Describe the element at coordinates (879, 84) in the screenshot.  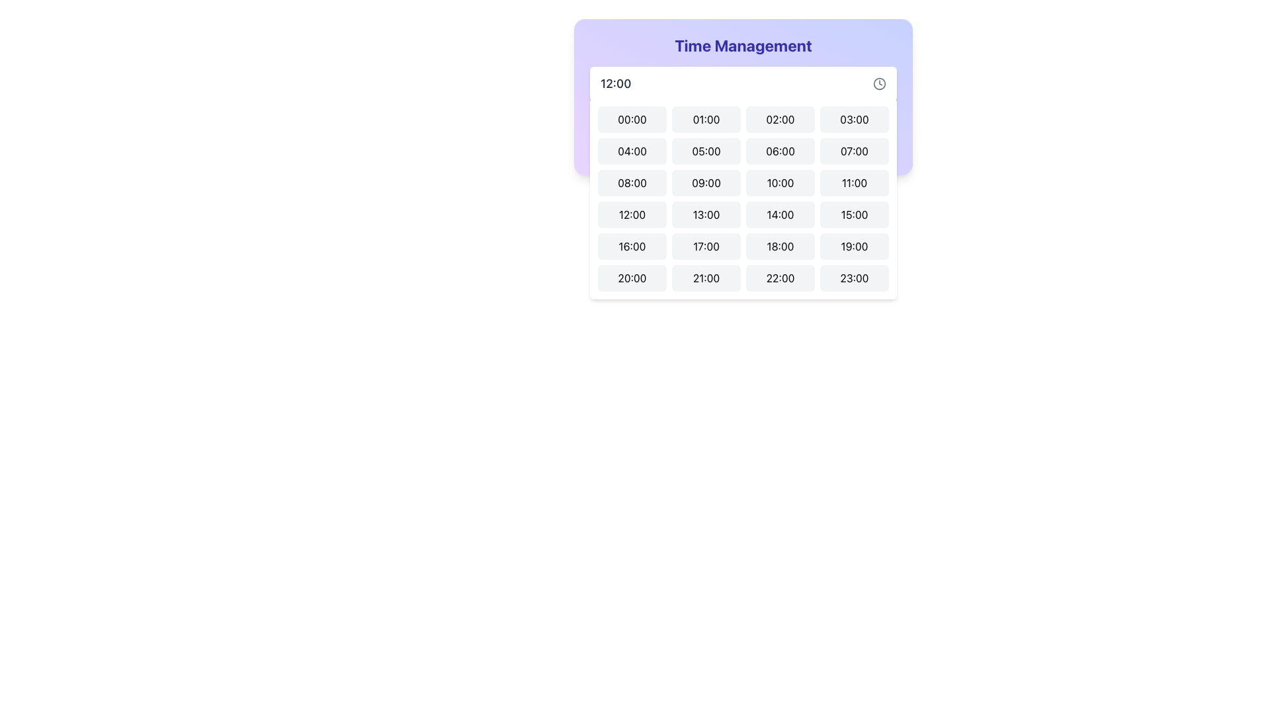
I see `the clock icon located on the far right of the white box containing the text '12:00', aligned to the top-right corner` at that location.